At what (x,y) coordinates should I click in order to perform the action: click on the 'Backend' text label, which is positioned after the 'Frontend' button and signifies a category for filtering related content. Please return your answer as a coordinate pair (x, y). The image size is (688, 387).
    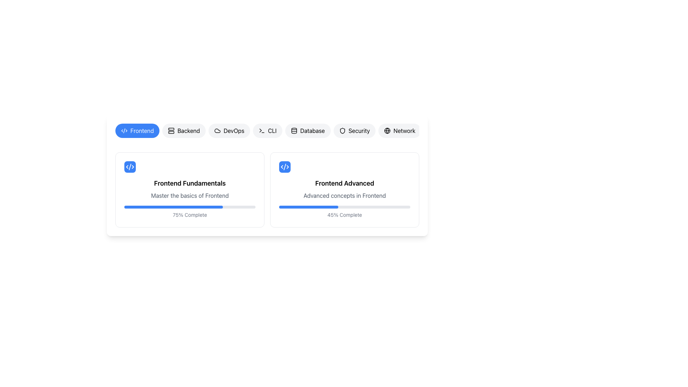
    Looking at the image, I should click on (188, 131).